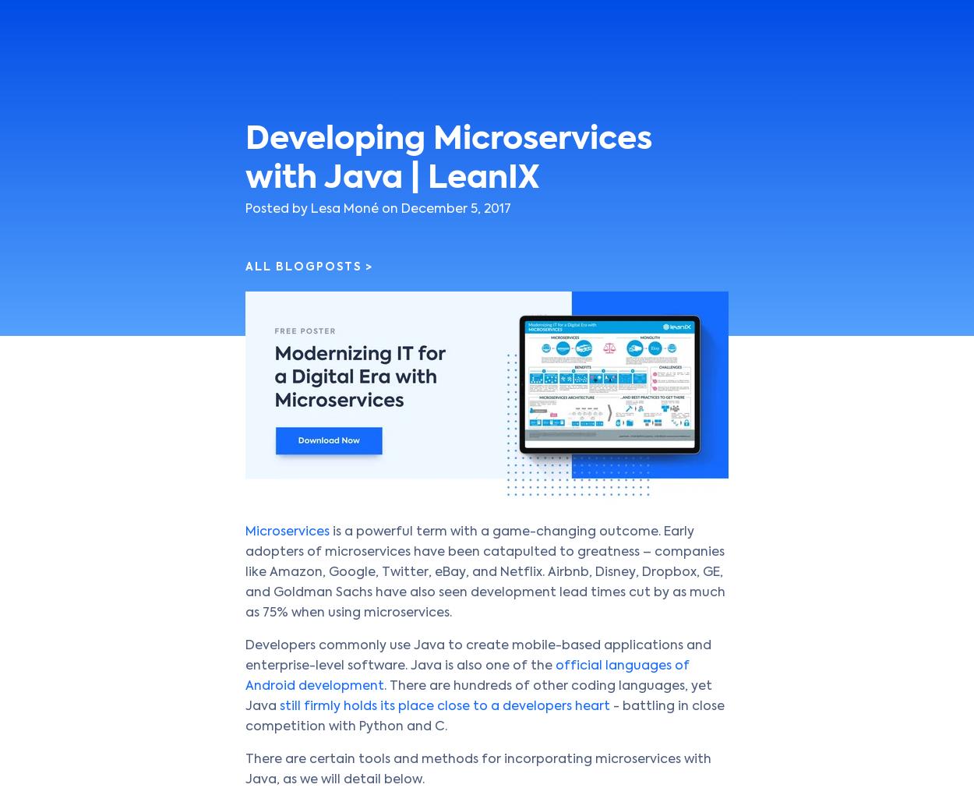  Describe the element at coordinates (258, 447) in the screenshot. I see `'Subscribe to the LeanIX Blog and never miss a post again!'` at that location.